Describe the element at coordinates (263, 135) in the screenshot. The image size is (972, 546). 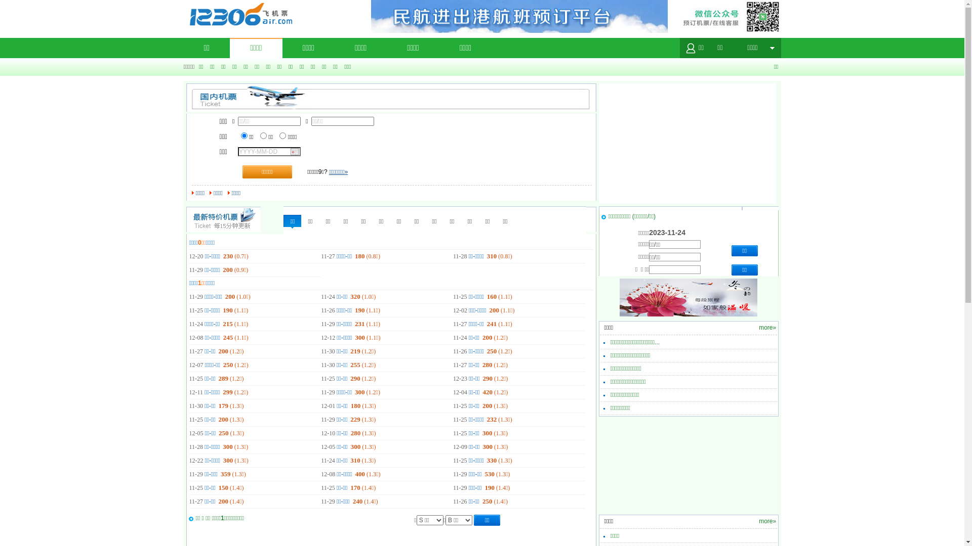
I see `'2'` at that location.